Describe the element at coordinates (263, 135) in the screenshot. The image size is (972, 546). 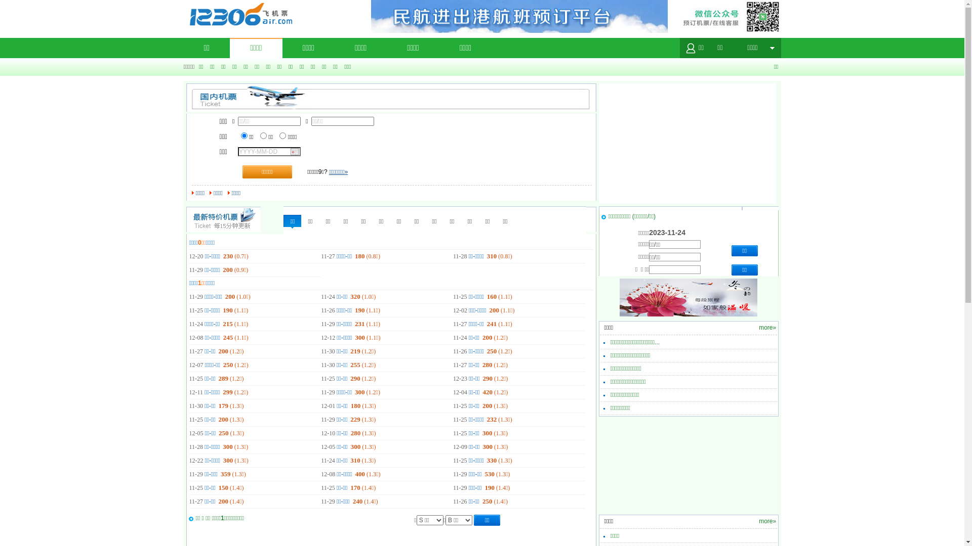
I see `'2'` at that location.